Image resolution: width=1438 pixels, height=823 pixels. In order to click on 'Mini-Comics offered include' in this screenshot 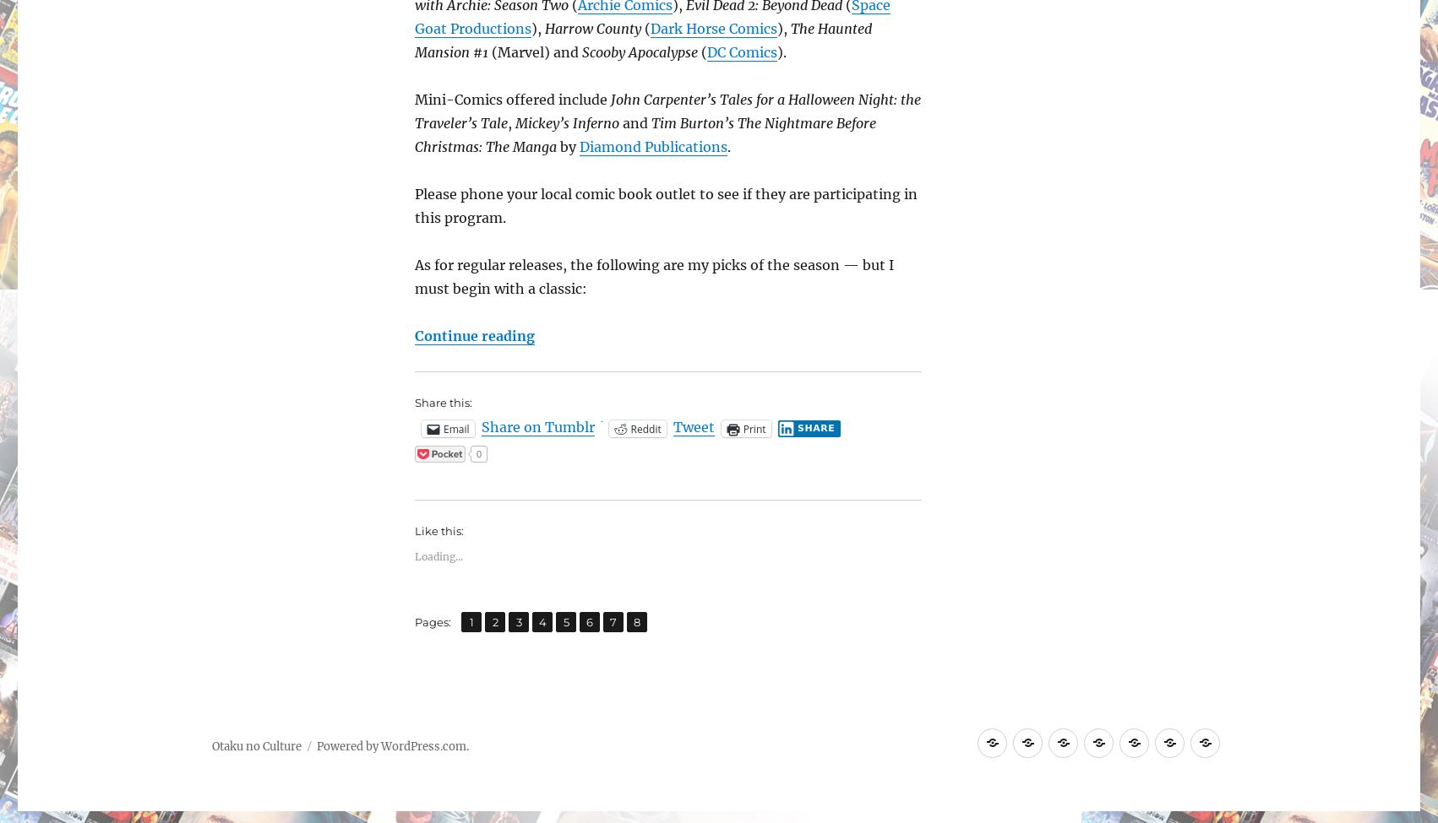, I will do `click(414, 98)`.